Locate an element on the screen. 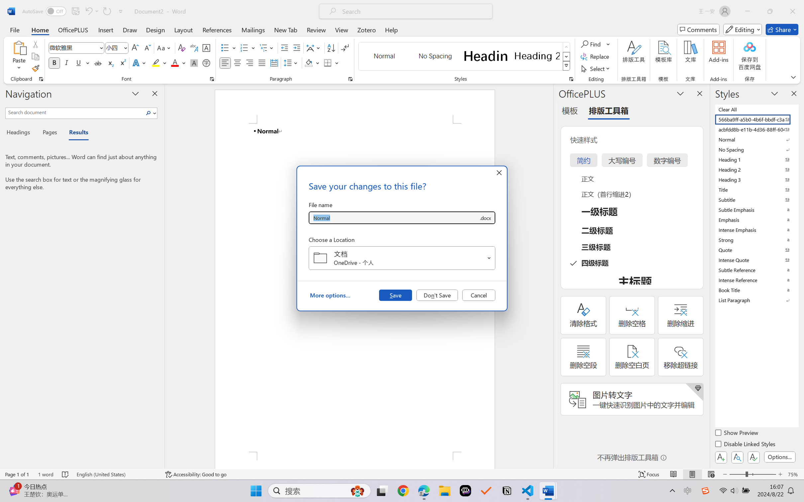 This screenshot has height=502, width=804. 'Subscript' is located at coordinates (110, 62).